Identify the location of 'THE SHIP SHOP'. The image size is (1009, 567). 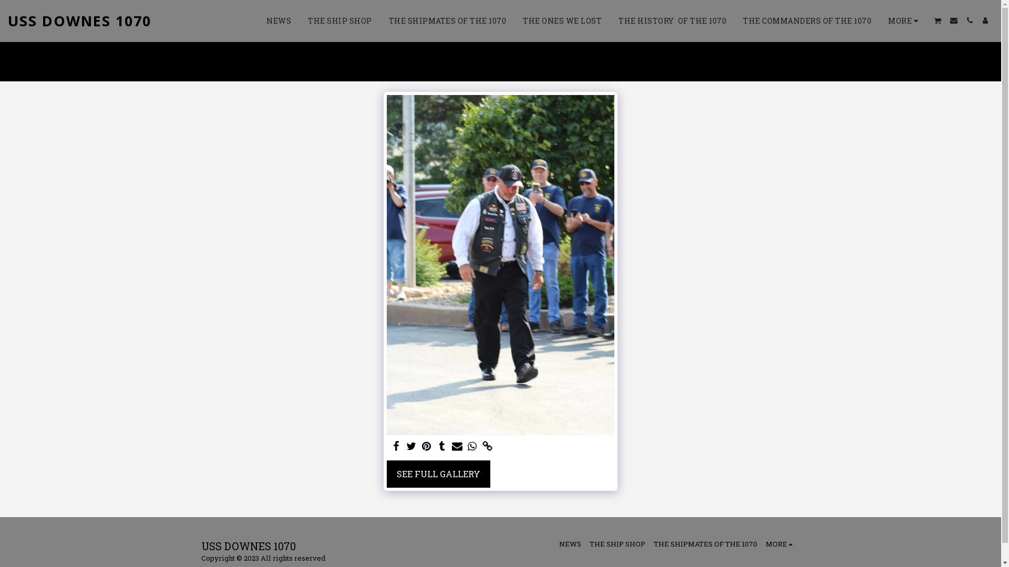
(617, 543).